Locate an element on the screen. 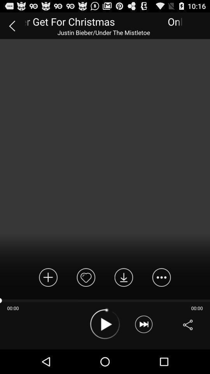 Image resolution: width=210 pixels, height=374 pixels. the arrow_backward icon is located at coordinates (12, 27).